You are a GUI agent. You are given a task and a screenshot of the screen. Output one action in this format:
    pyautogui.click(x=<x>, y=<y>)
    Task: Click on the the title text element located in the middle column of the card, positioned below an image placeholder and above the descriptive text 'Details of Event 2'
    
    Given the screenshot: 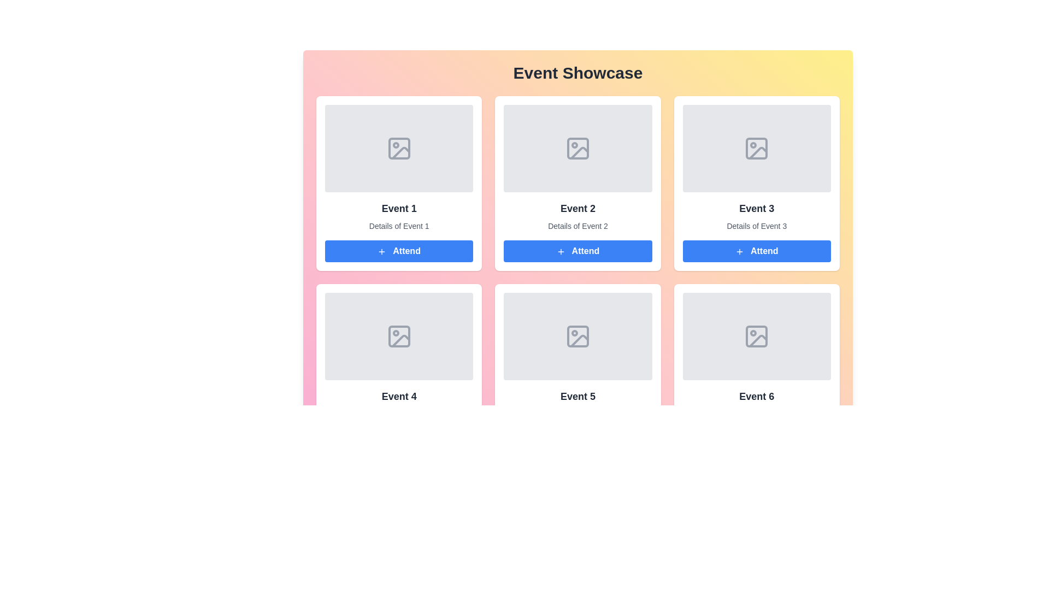 What is the action you would take?
    pyautogui.click(x=577, y=208)
    